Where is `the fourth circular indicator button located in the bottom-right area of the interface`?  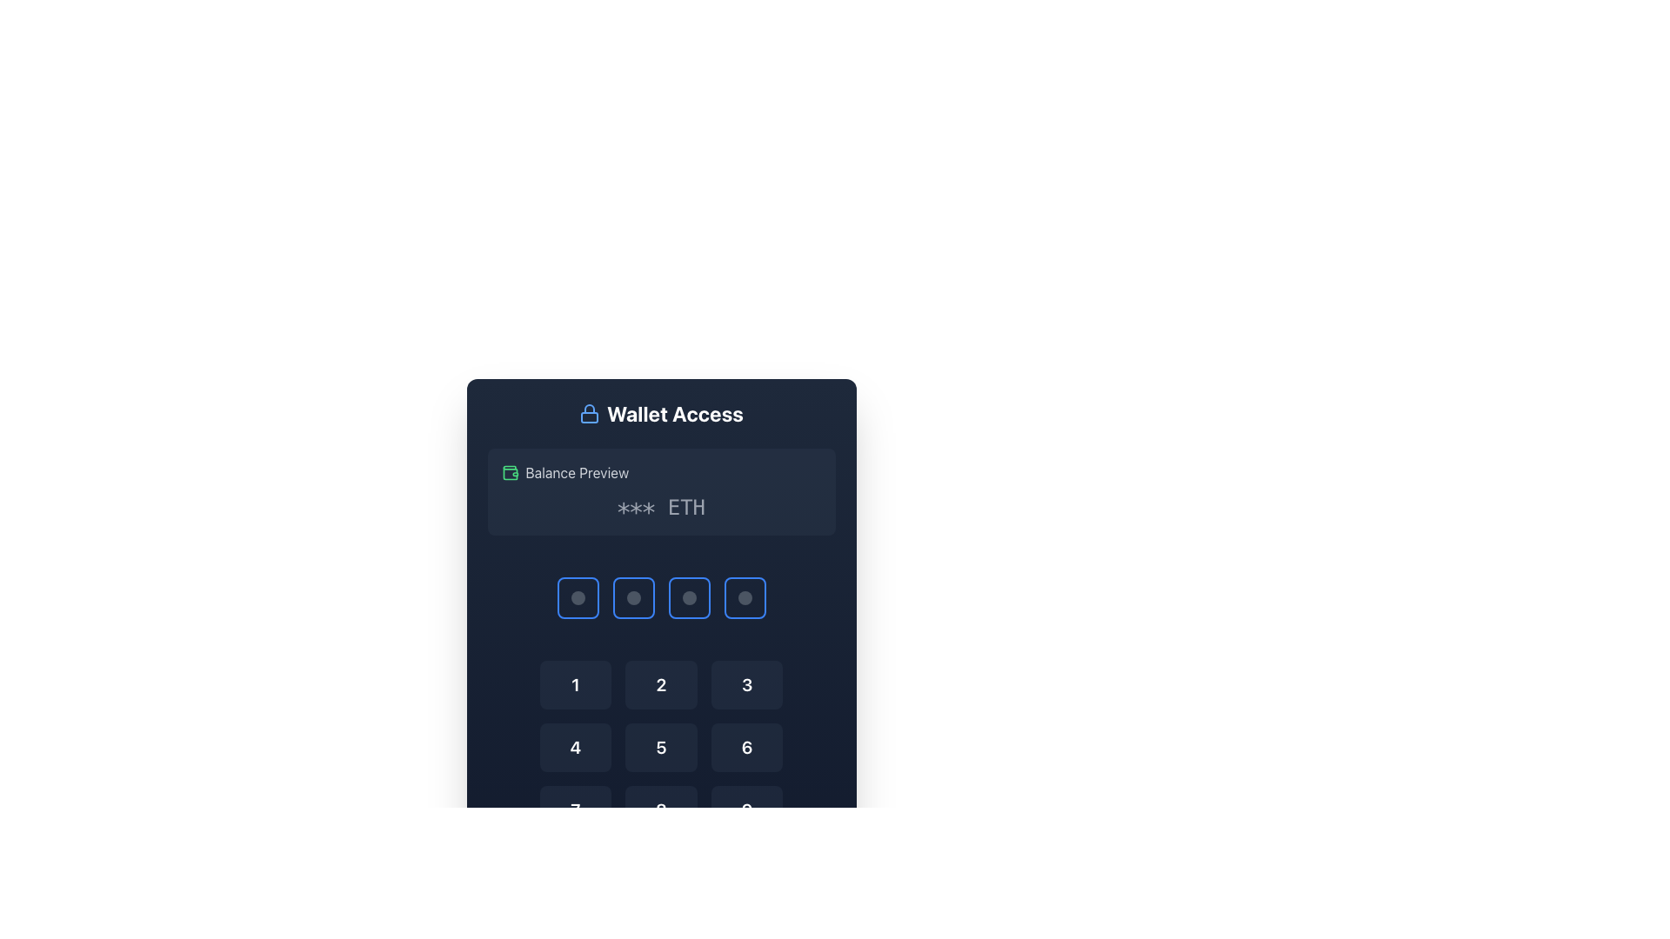
the fourth circular indicator button located in the bottom-right area of the interface is located at coordinates (745, 596).